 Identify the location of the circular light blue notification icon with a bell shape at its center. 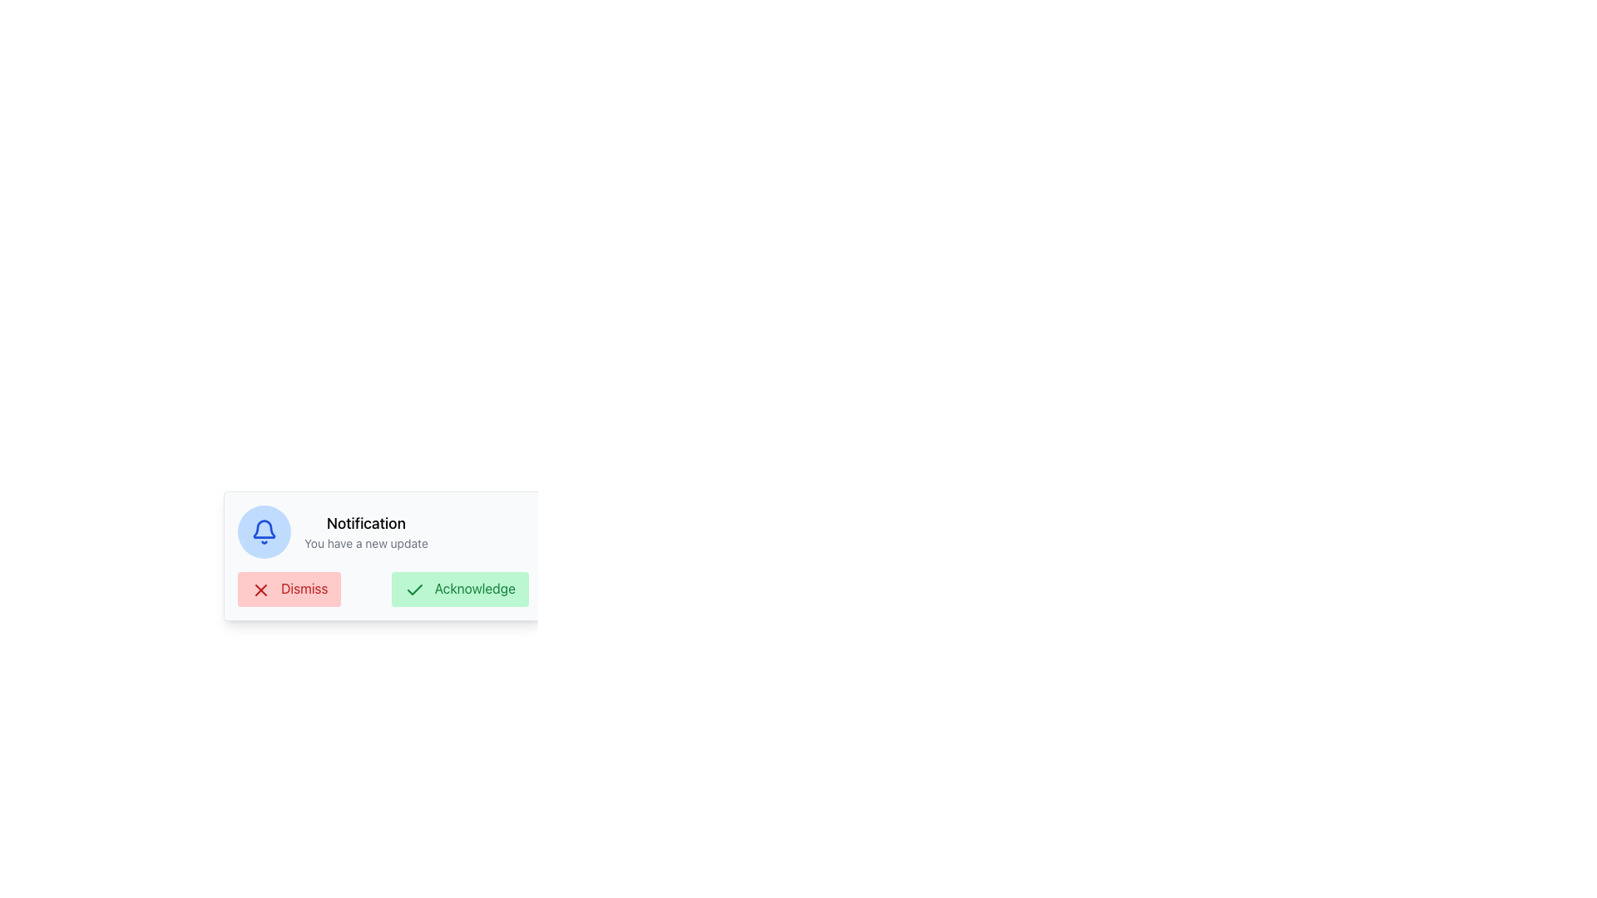
(263, 532).